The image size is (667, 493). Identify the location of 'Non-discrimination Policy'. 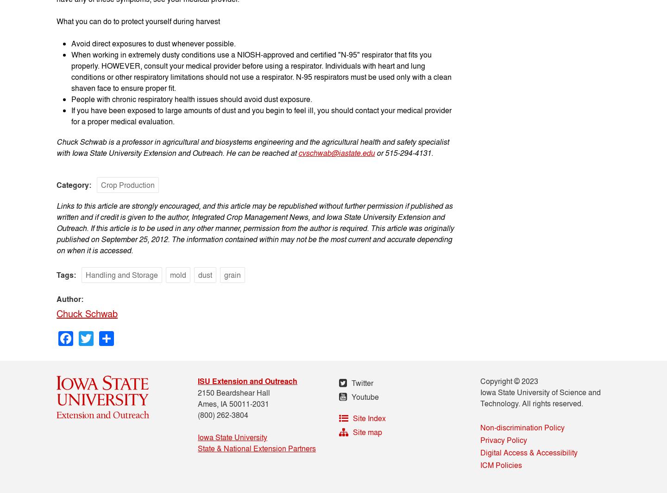
(522, 426).